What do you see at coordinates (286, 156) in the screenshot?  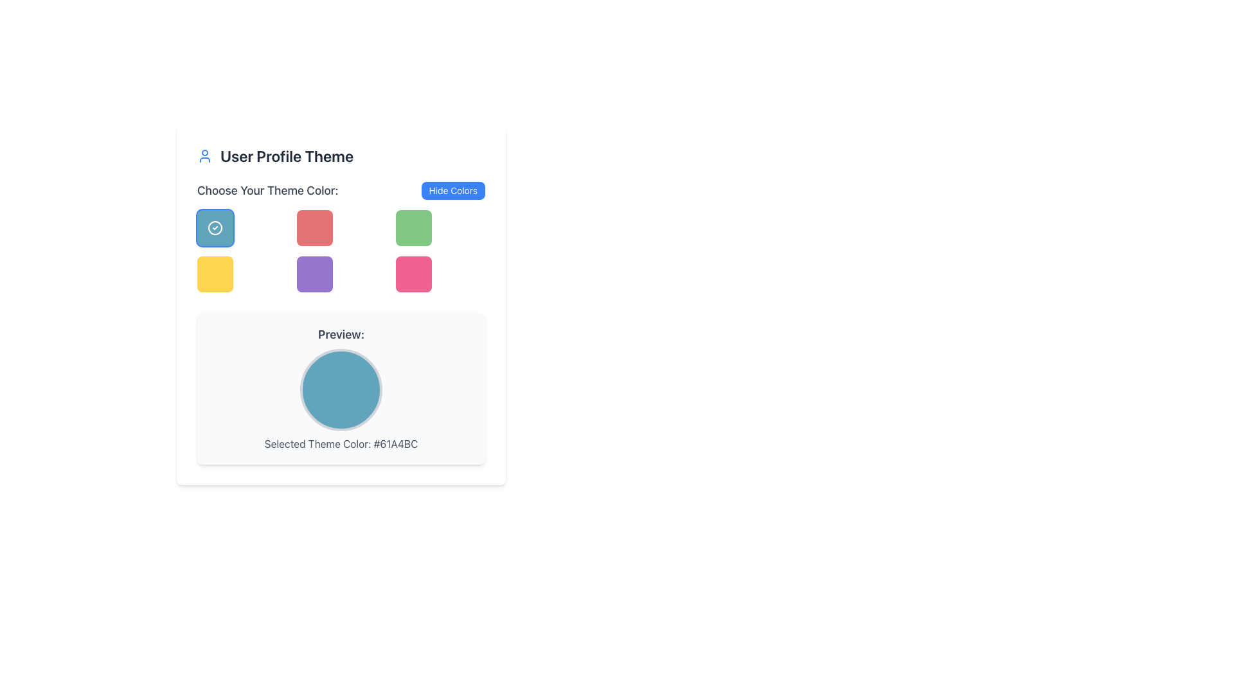 I see `text from the heading labeled 'User Profile Theme', which is prominently displayed in large, bold, dark-gray text next to a circular profile icon` at bounding box center [286, 156].